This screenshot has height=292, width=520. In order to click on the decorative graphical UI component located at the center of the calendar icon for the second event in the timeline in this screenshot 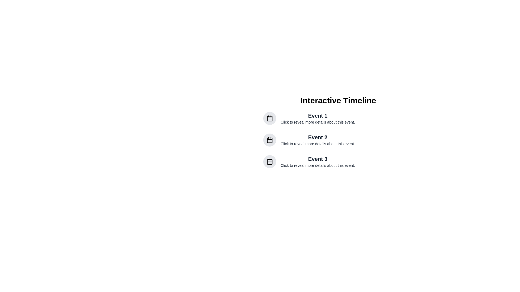, I will do `click(270, 140)`.